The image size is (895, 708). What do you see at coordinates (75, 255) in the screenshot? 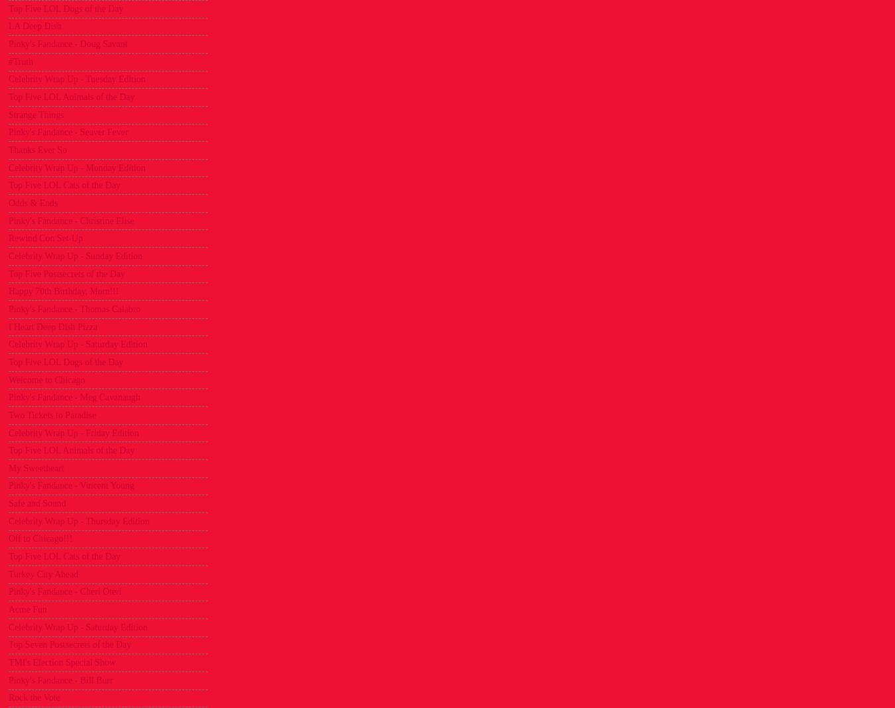
I see `'Celebrity Wrap Up - Sunday Edition'` at bounding box center [75, 255].